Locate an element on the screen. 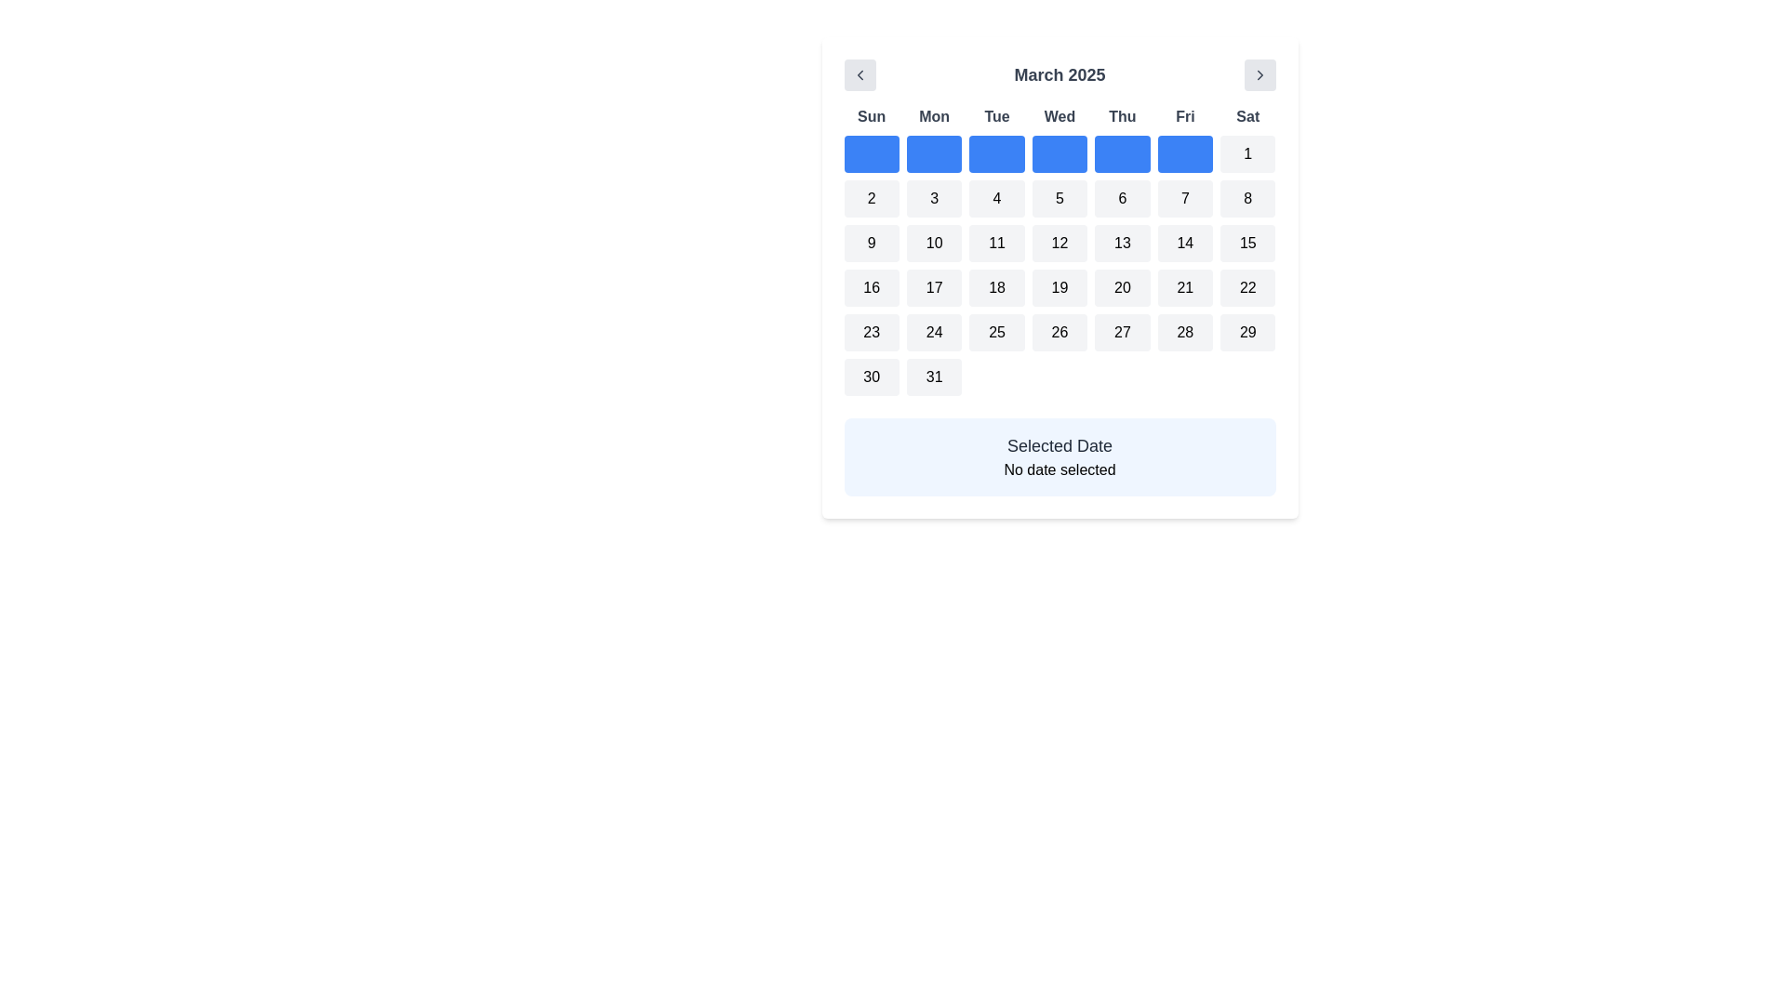 This screenshot has width=1786, height=1004. the clickable calendar date item displaying the number '14' is located at coordinates (1184, 243).